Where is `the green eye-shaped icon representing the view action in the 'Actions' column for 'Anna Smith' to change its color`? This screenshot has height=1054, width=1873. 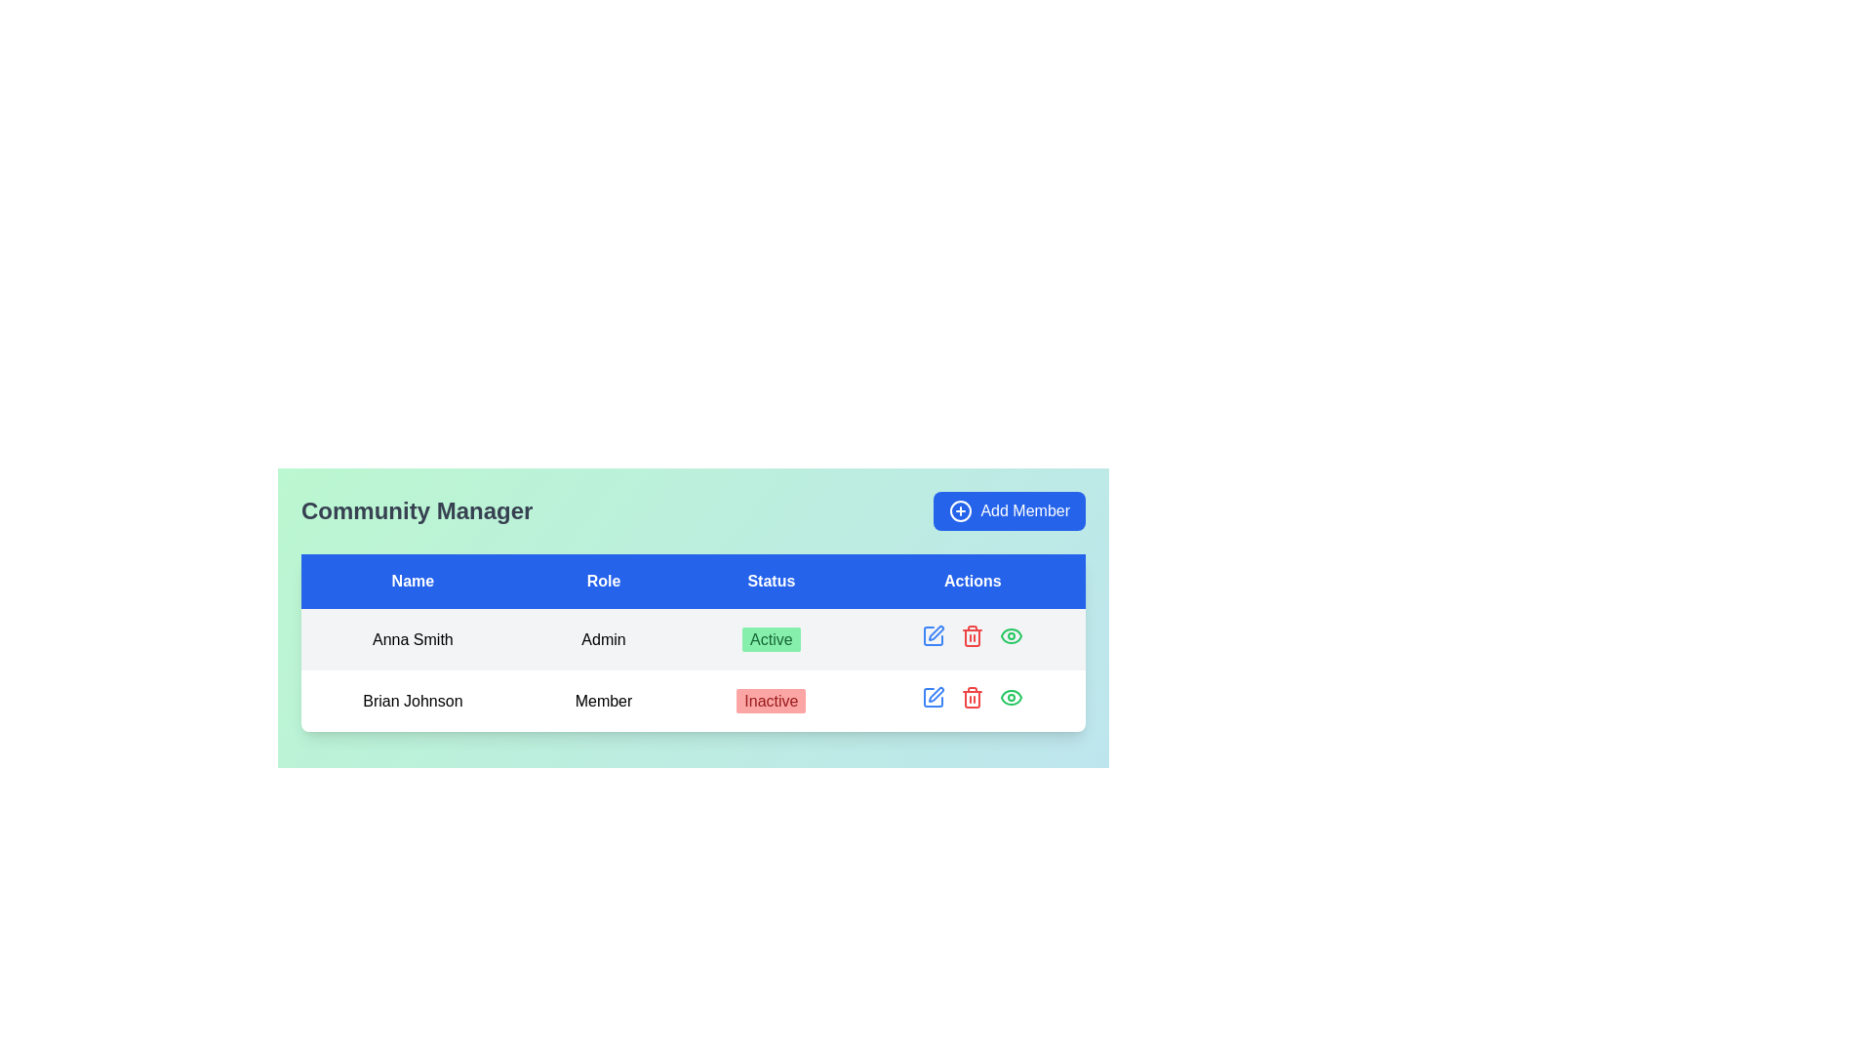 the green eye-shaped icon representing the view action in the 'Actions' column for 'Anna Smith' to change its color is located at coordinates (1012, 635).